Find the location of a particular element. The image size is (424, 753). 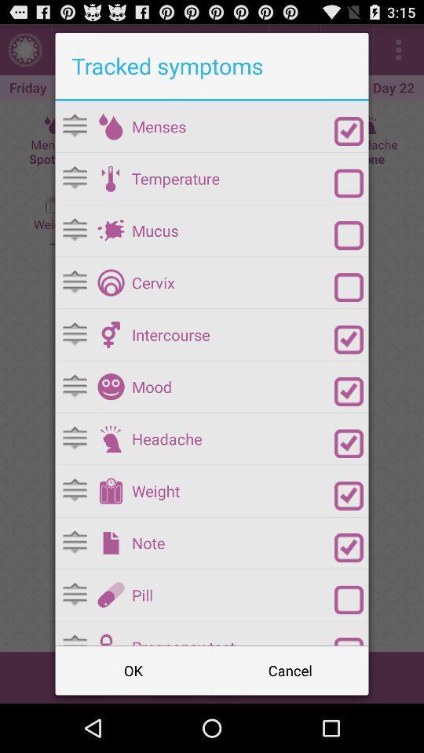

headache checkbox is located at coordinates (349, 443).